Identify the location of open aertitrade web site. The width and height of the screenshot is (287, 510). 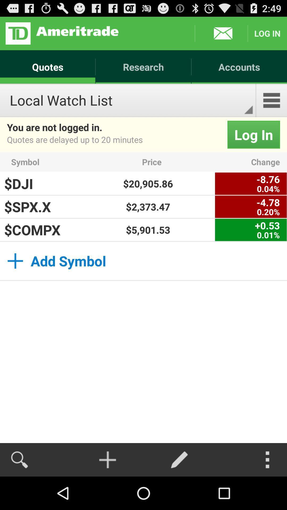
(62, 33).